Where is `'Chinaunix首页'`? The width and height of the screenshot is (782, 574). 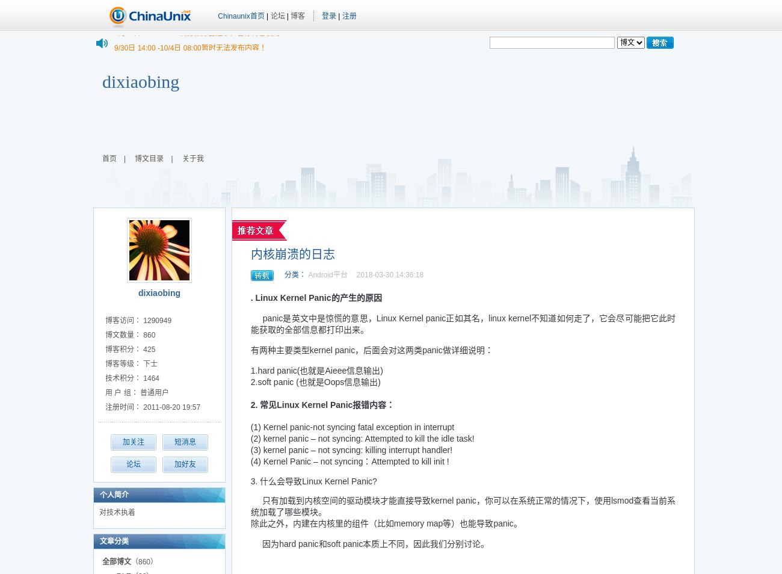 'Chinaunix首页' is located at coordinates (241, 15).